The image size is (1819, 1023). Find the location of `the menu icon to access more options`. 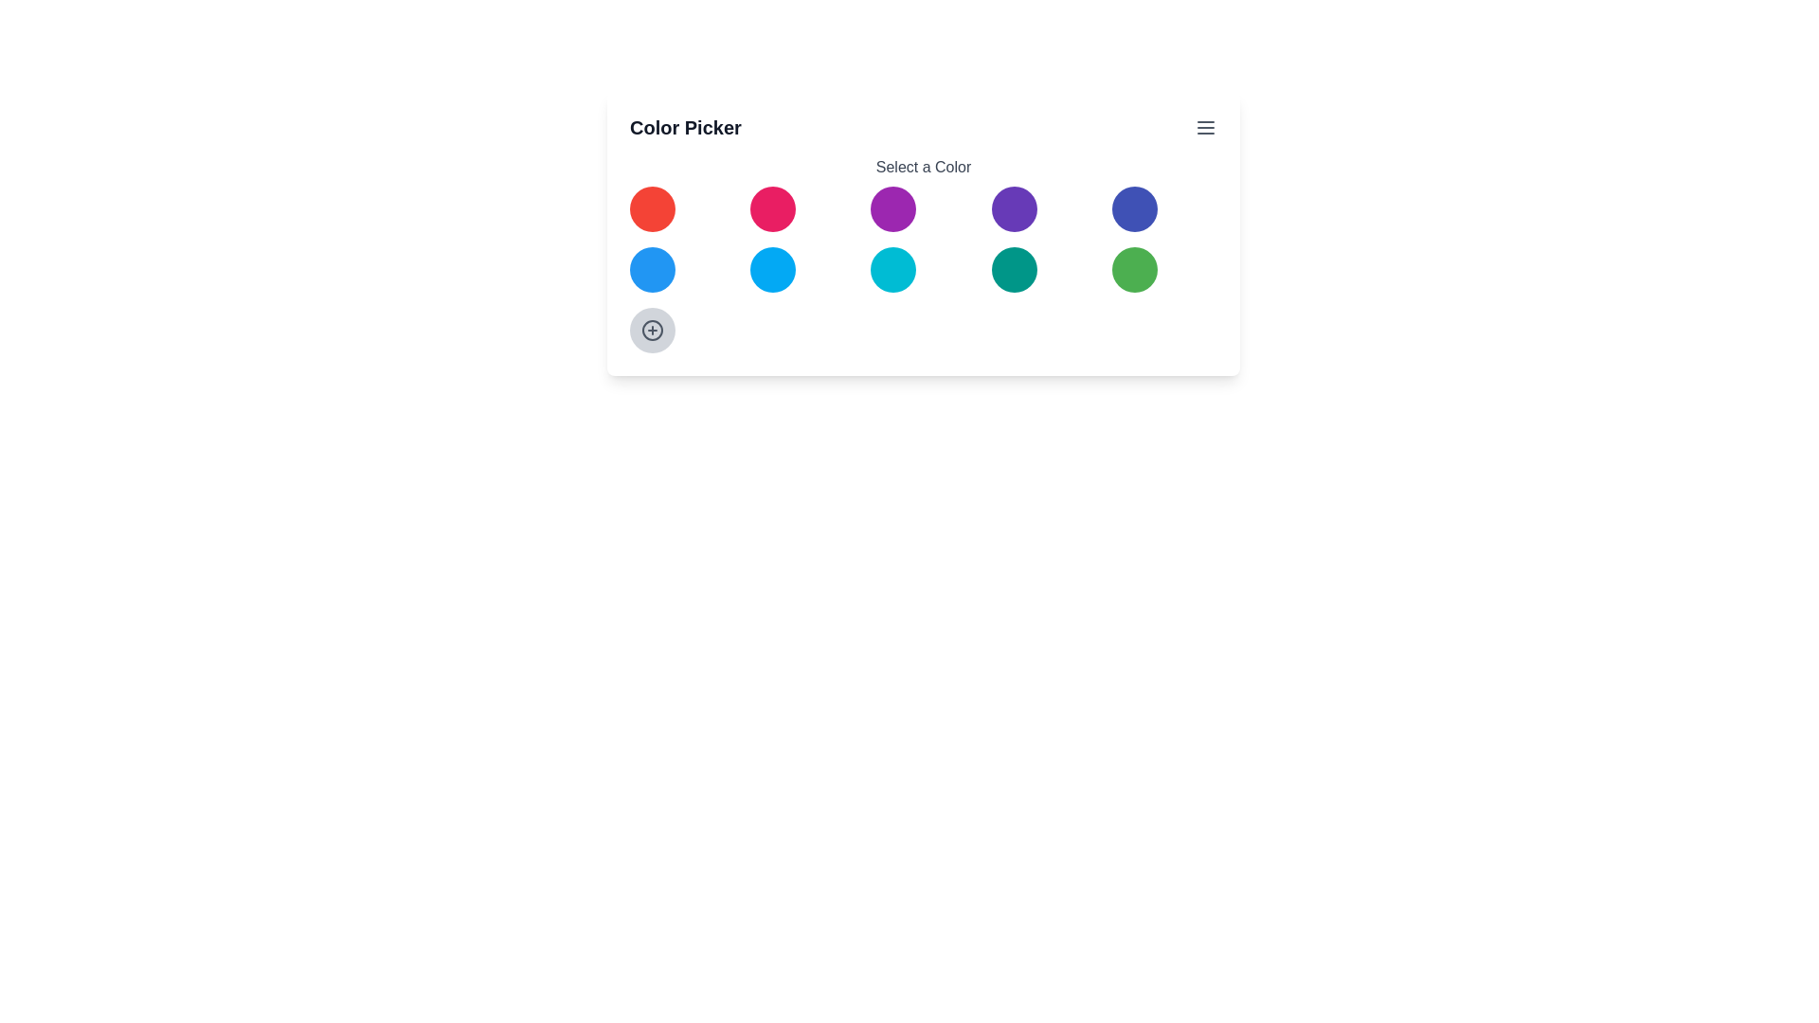

the menu icon to access more options is located at coordinates (1204, 128).